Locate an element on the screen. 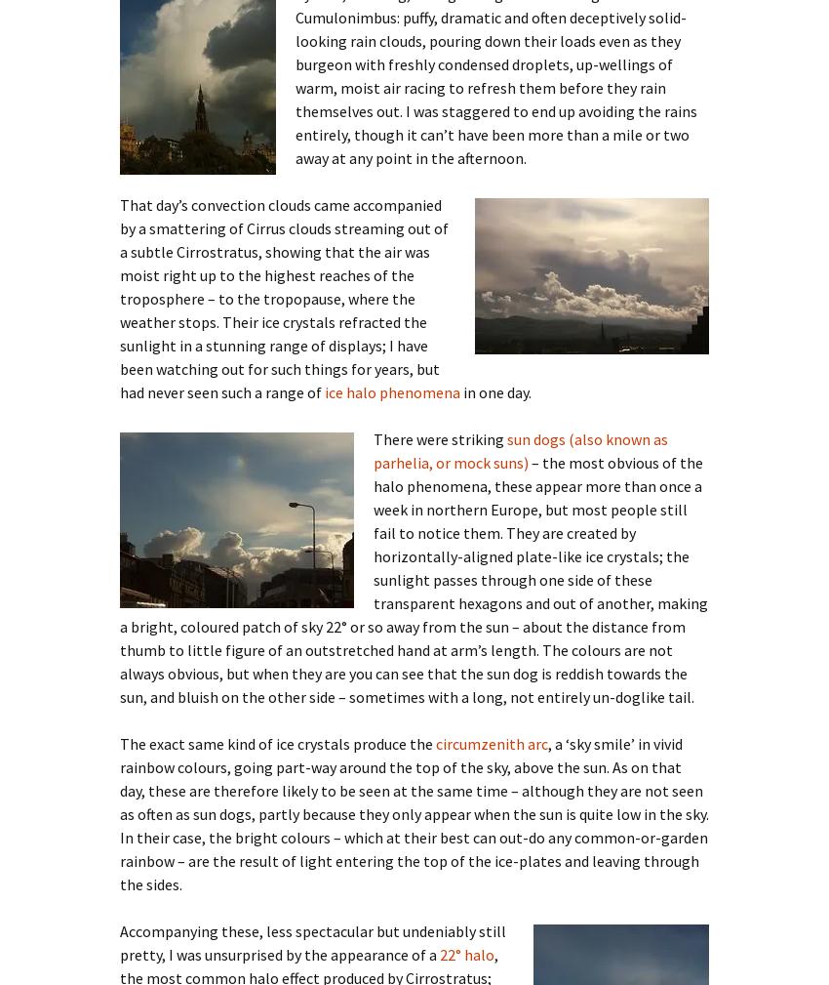 The image size is (829, 985). 'circumzenith arc' is located at coordinates (492, 742).